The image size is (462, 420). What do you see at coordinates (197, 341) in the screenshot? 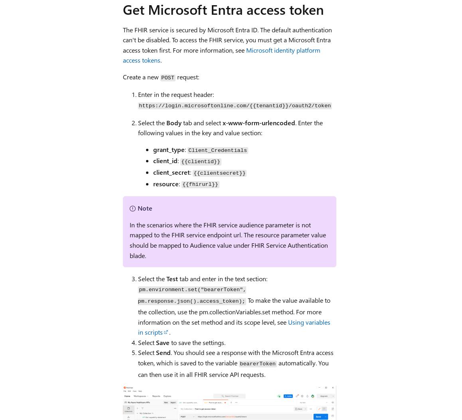
I see `'to save the settings.'` at bounding box center [197, 341].